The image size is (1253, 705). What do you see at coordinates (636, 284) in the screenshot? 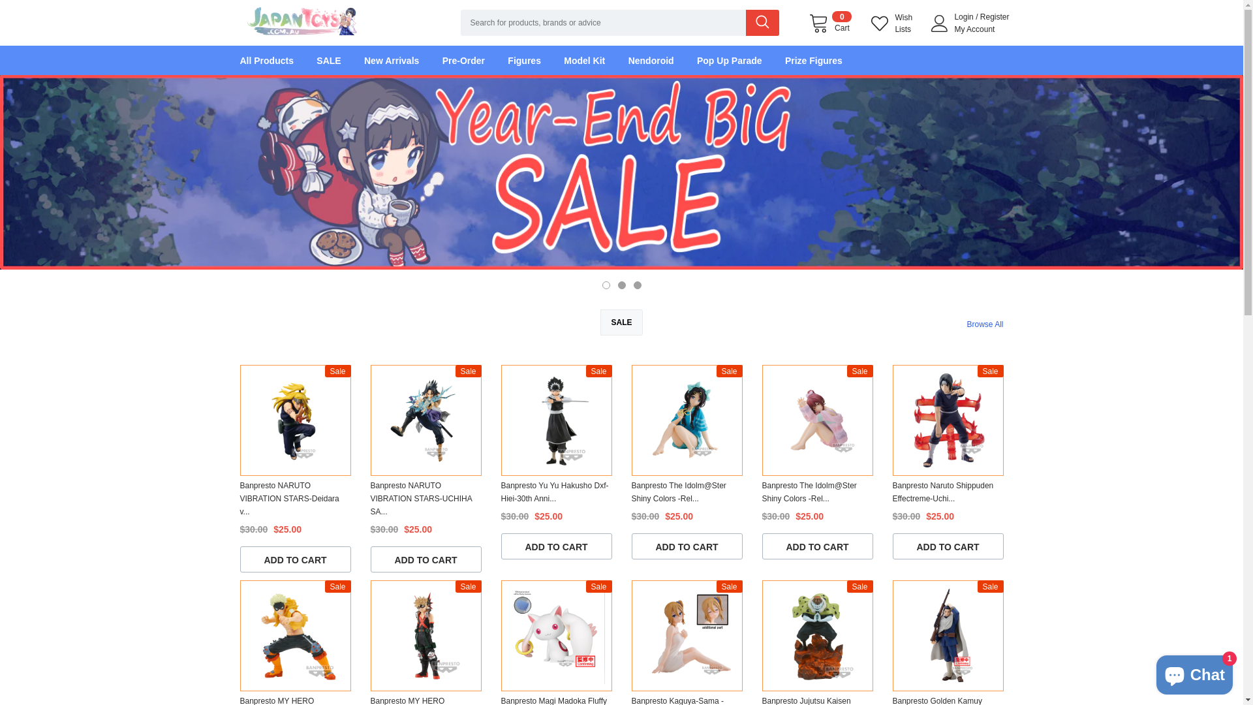
I see `'3'` at bounding box center [636, 284].